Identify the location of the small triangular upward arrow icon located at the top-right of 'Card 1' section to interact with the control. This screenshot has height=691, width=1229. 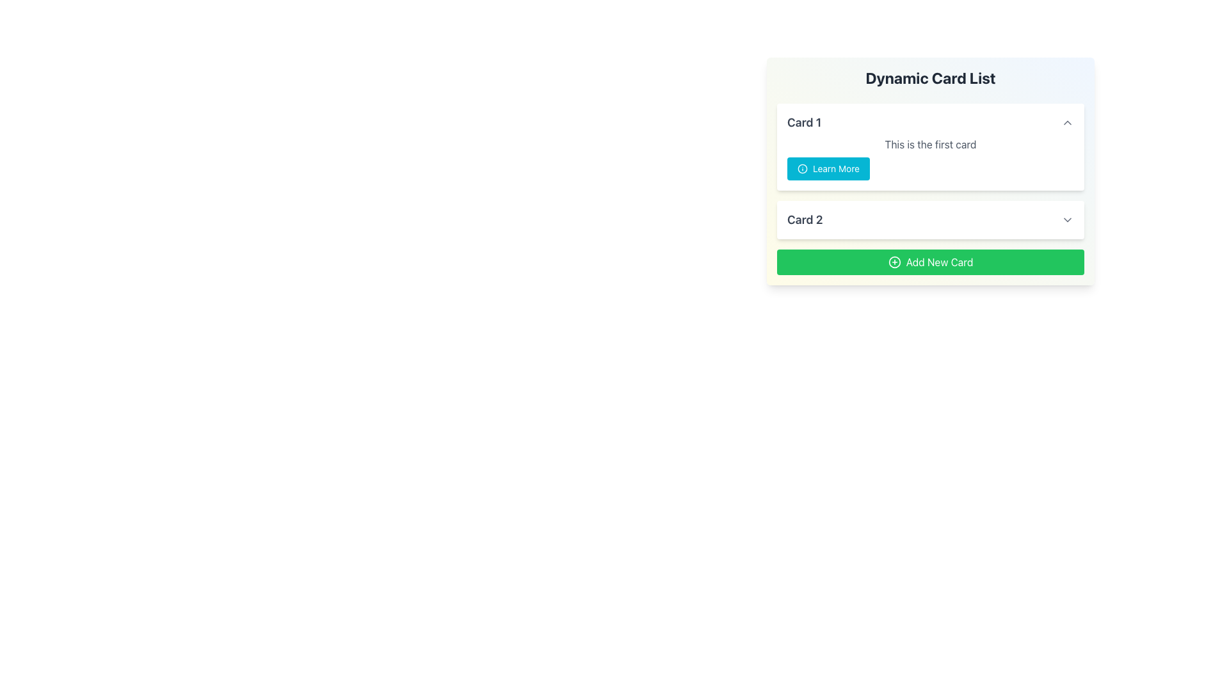
(1068, 123).